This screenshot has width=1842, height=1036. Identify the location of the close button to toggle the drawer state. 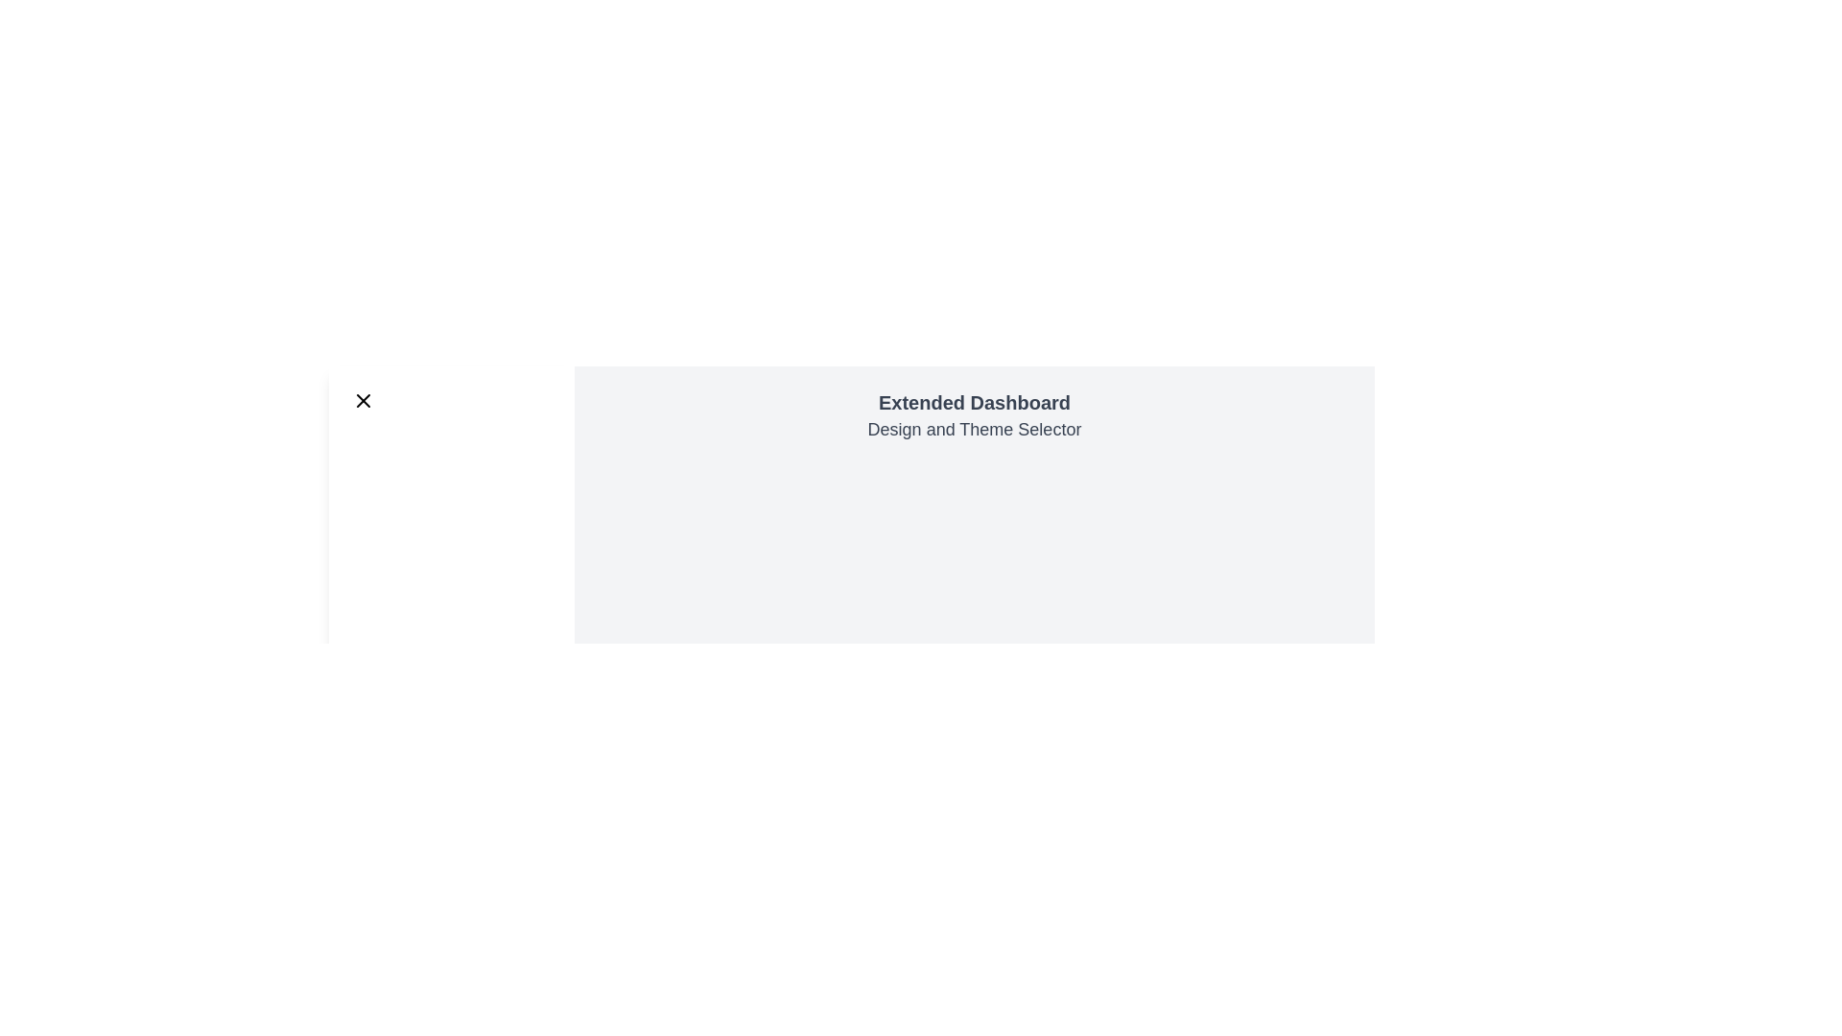
(364, 399).